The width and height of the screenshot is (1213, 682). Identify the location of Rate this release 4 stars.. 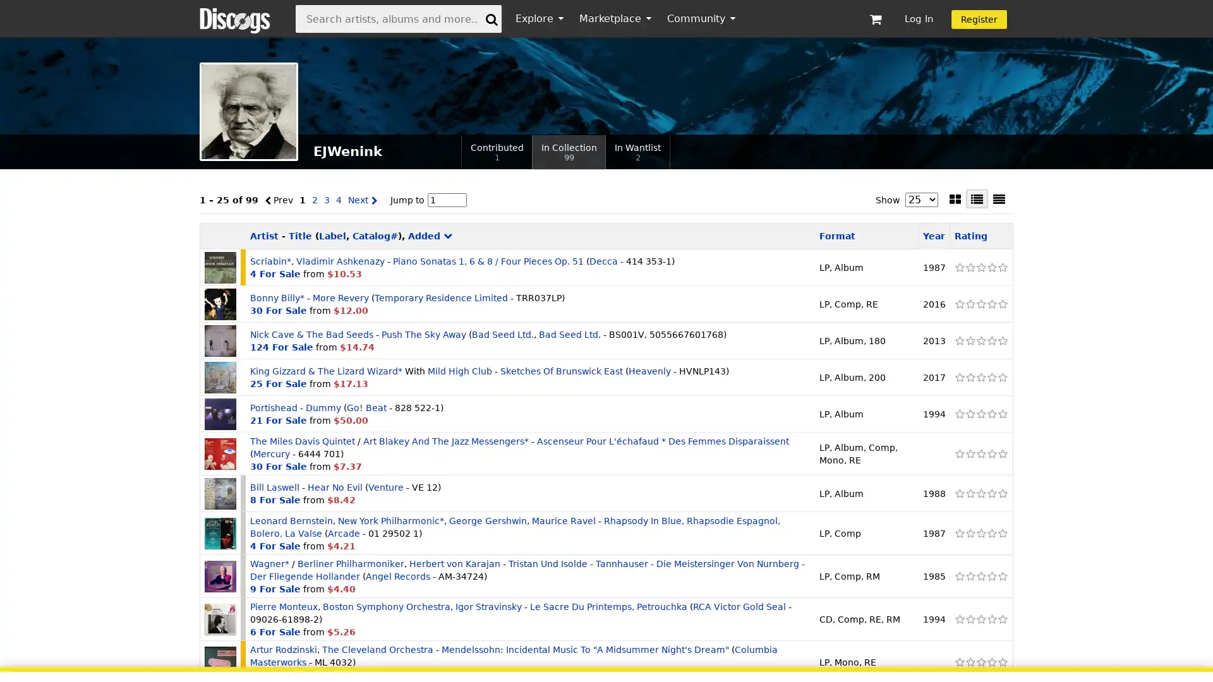
(991, 304).